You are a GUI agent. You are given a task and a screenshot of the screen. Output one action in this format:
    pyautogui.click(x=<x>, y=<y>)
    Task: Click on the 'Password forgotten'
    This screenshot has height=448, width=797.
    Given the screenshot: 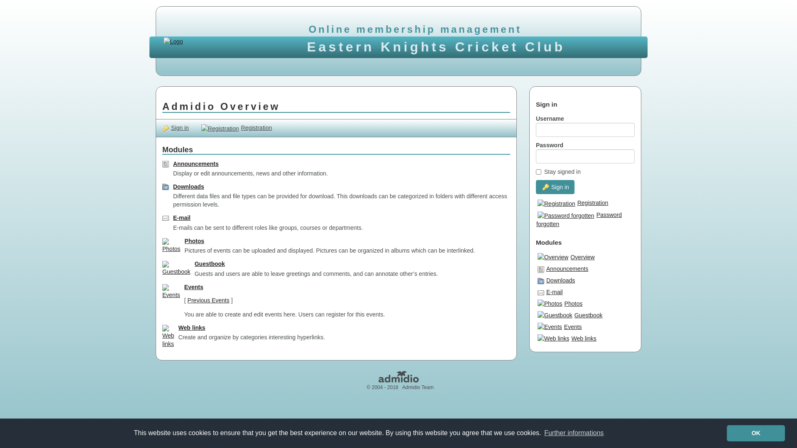 What is the action you would take?
    pyautogui.click(x=585, y=220)
    